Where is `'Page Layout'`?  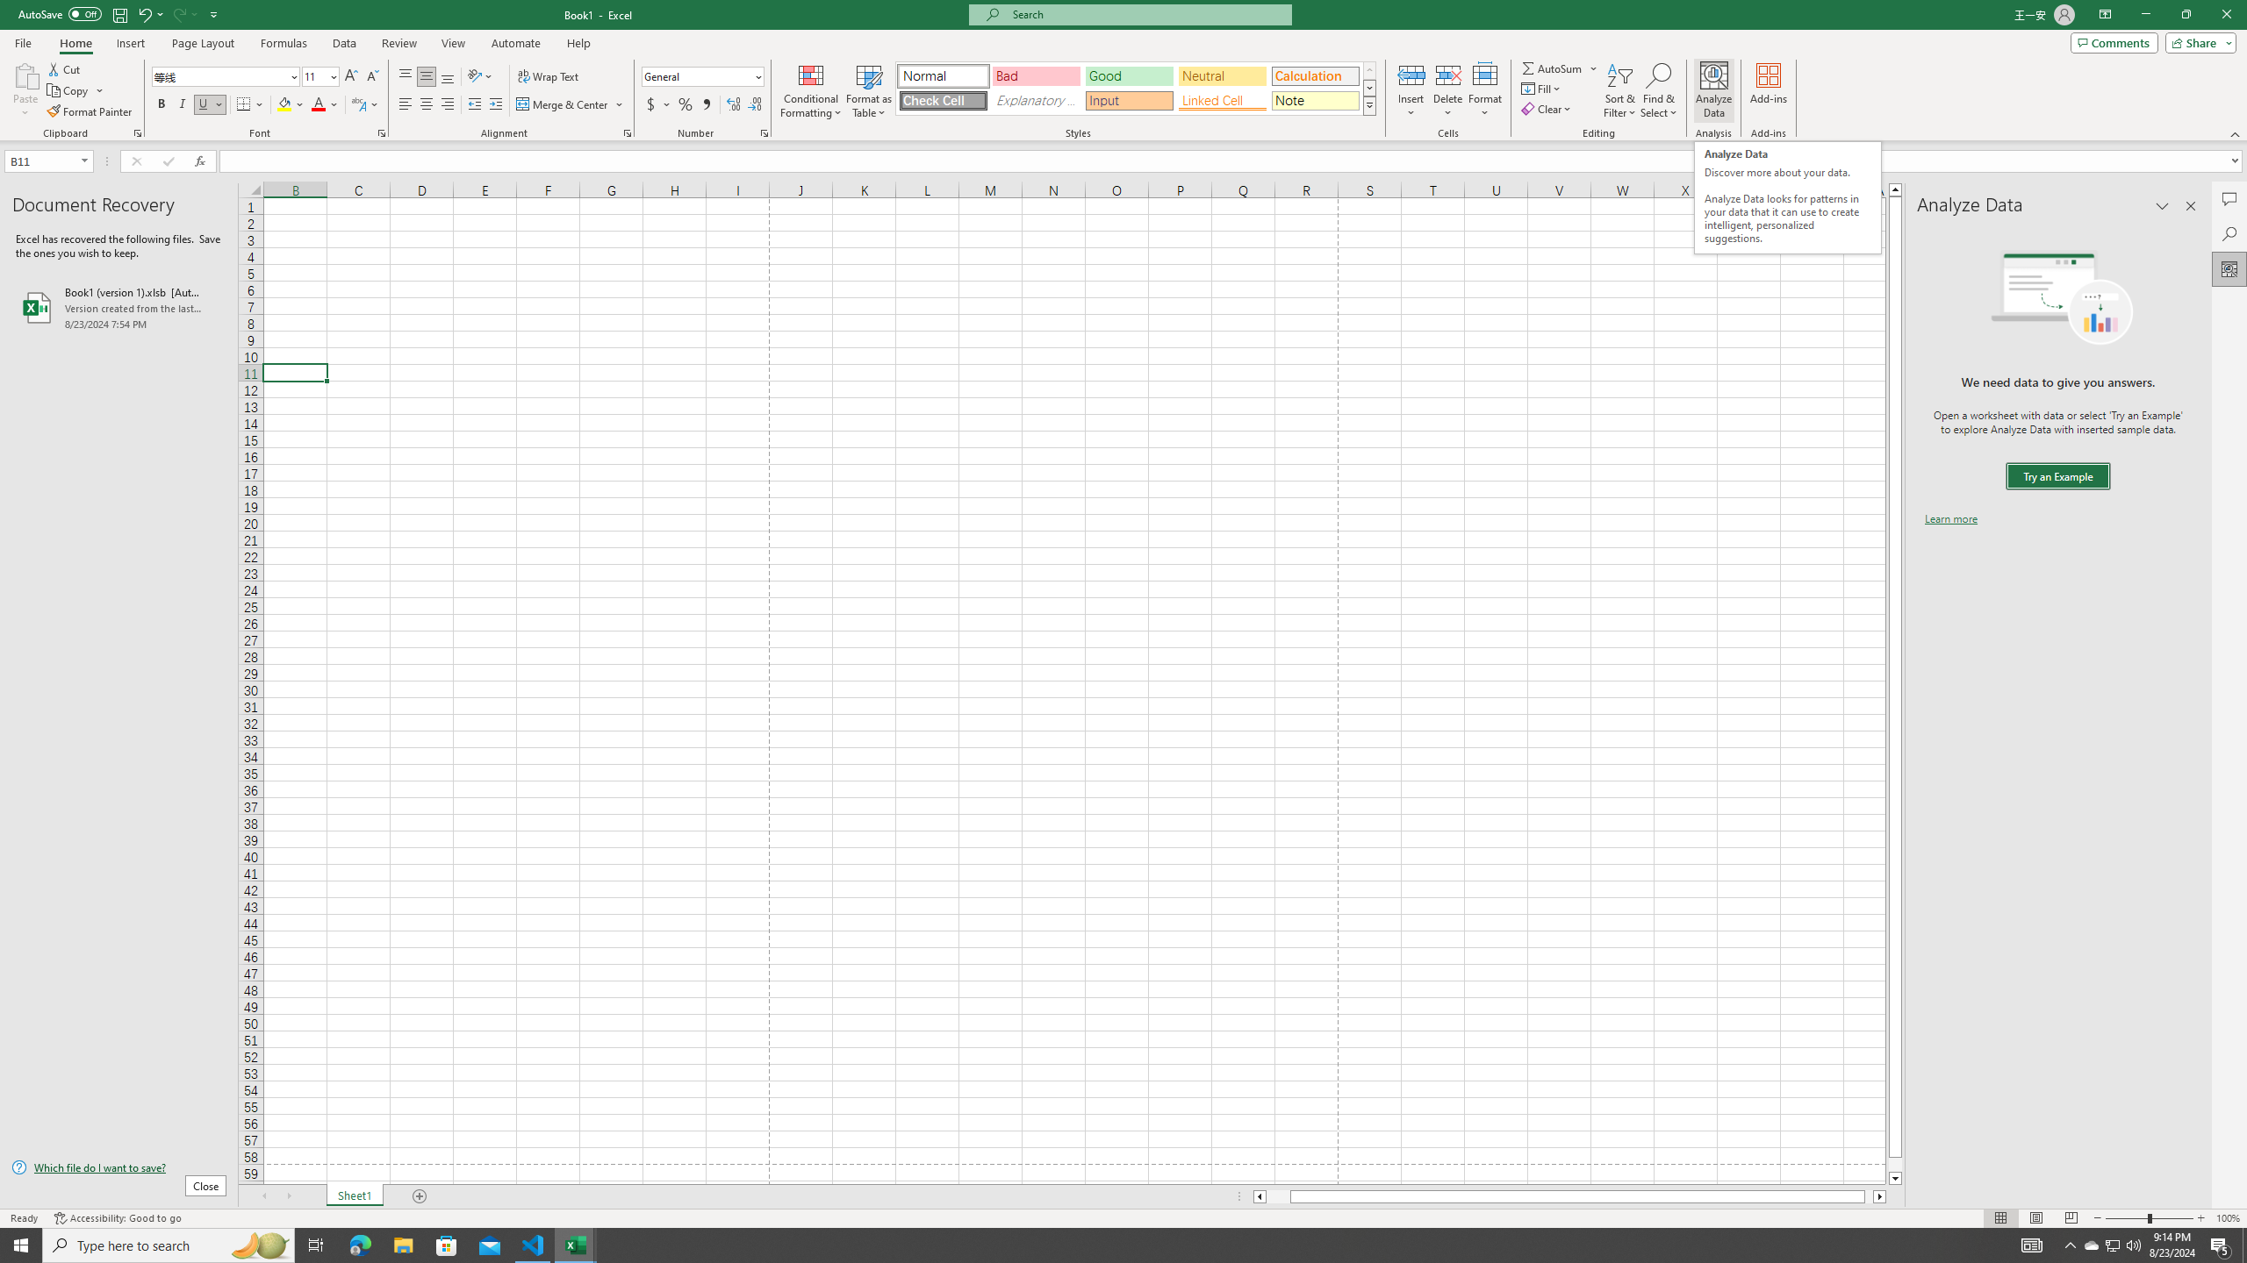 'Page Layout' is located at coordinates (203, 43).